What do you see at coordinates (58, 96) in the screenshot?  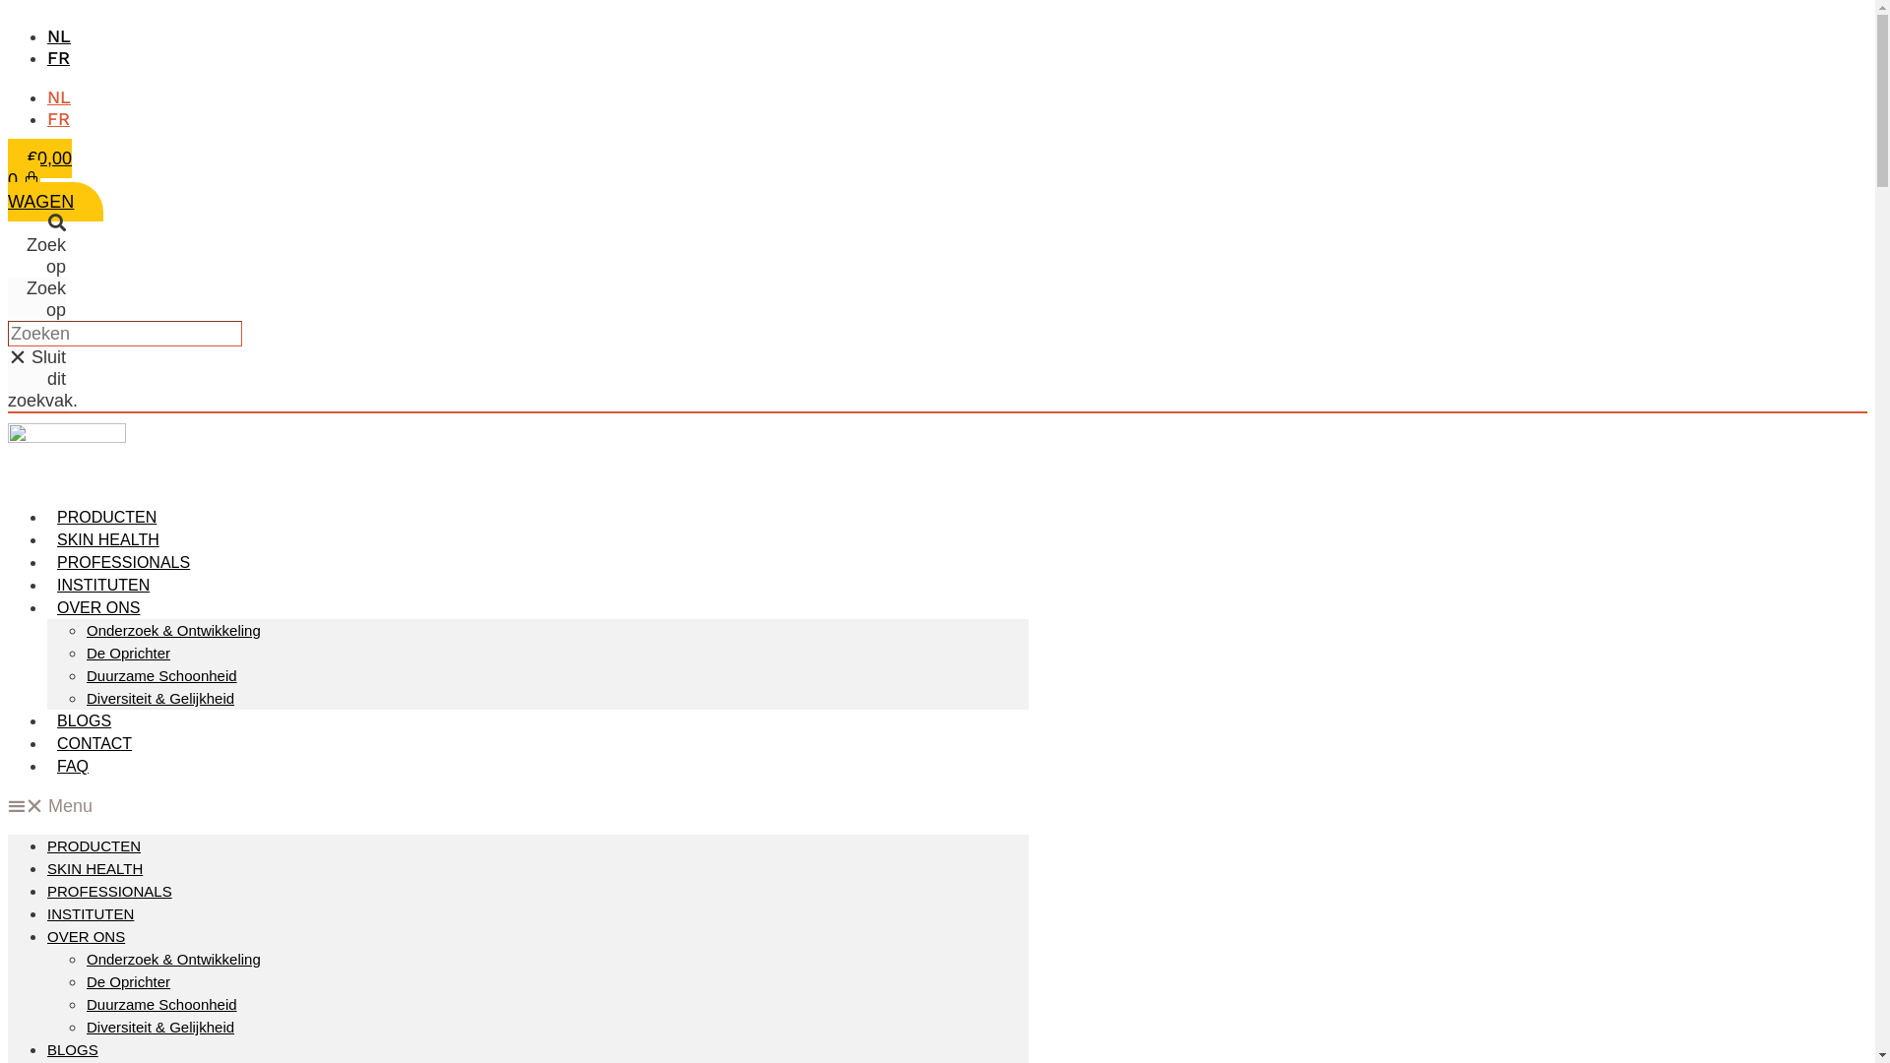 I see `'NL'` at bounding box center [58, 96].